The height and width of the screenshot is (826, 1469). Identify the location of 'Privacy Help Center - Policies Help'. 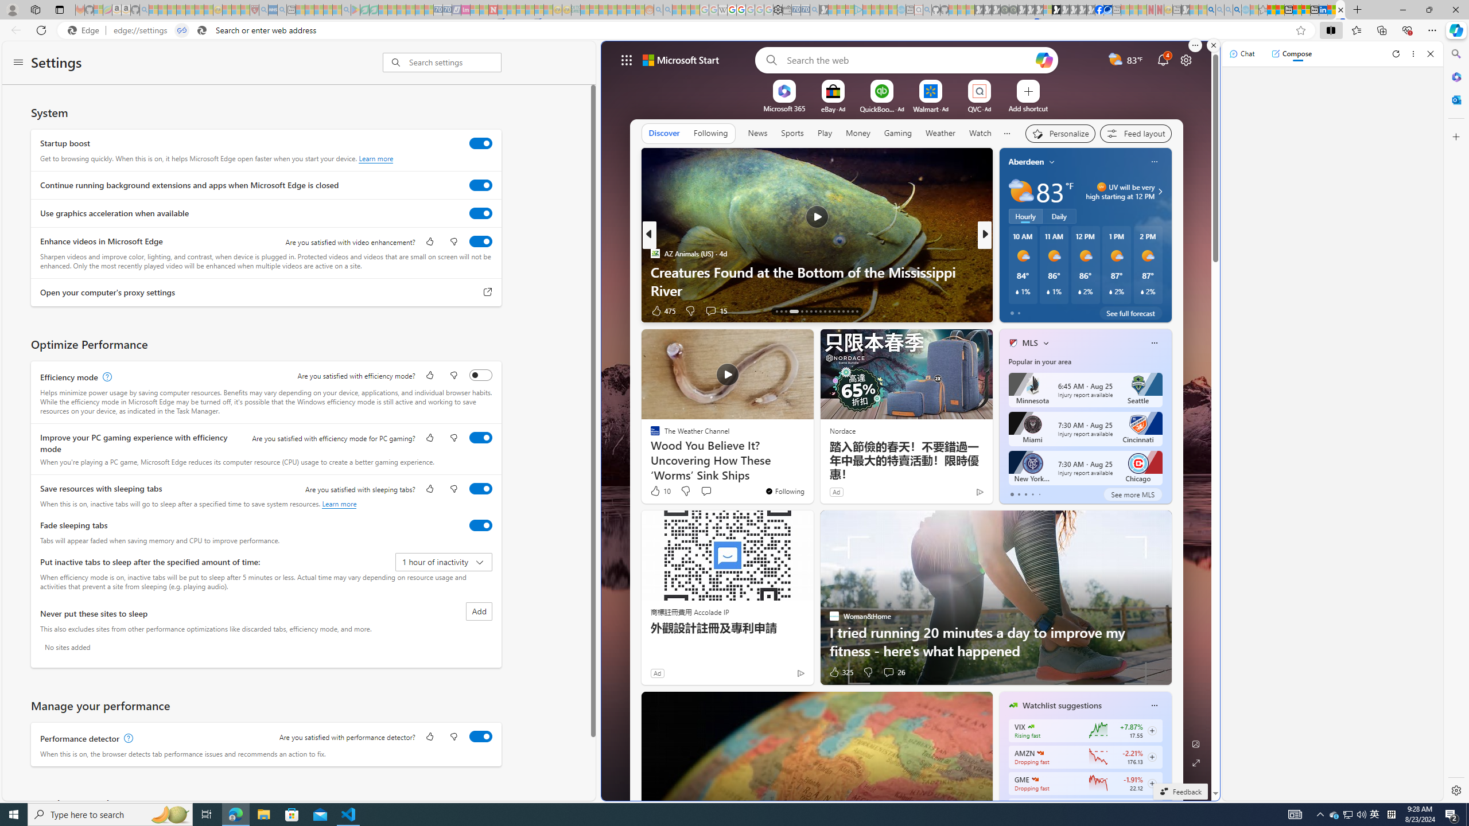
(732, 9).